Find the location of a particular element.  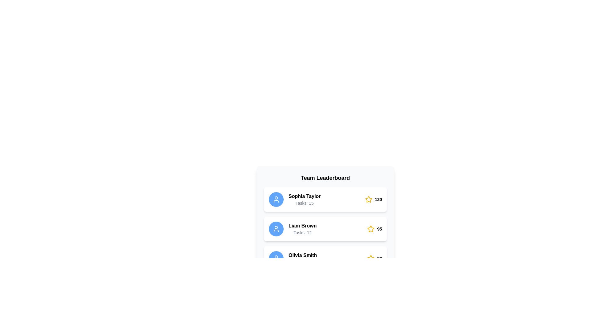

the text block containing 'Liam Brown' and 'Tasks: 12' within the Team Leaderboard section, positioned between a blue user icon and a yellow star icon is located at coordinates (302, 229).